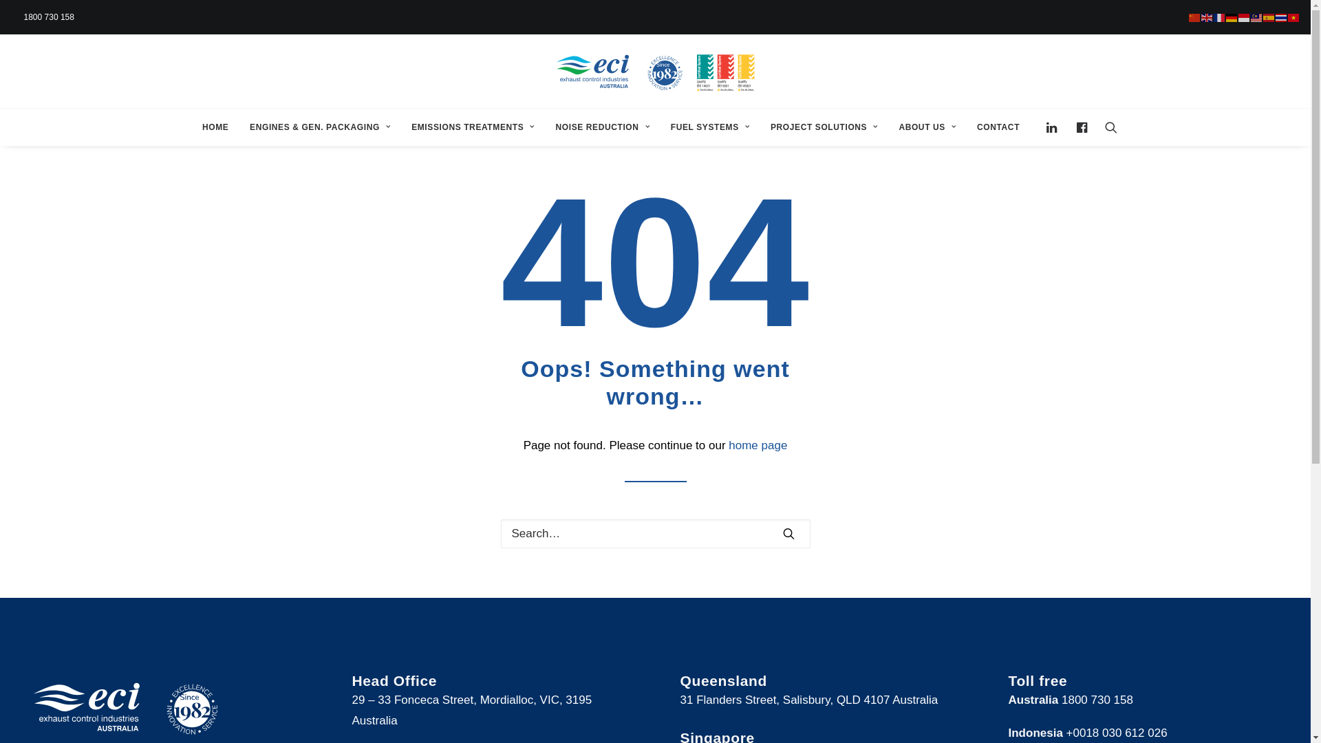  I want to click on 'Search for:', so click(655, 532).